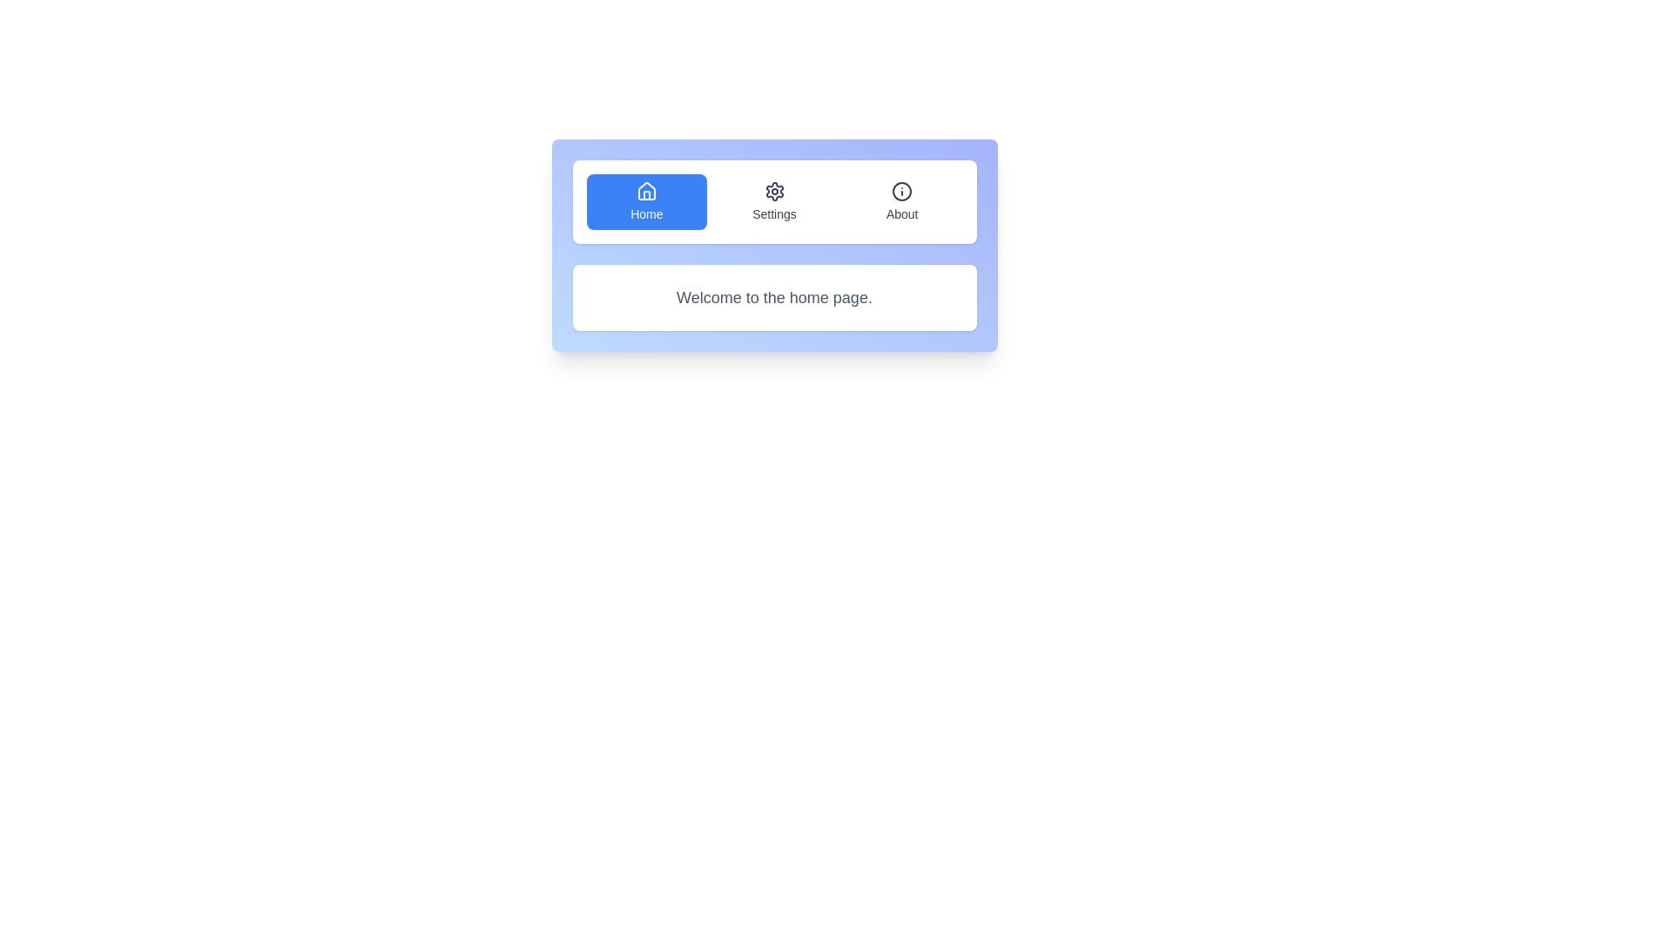 The image size is (1672, 941). What do you see at coordinates (645, 200) in the screenshot?
I see `the Home tab by clicking its button` at bounding box center [645, 200].